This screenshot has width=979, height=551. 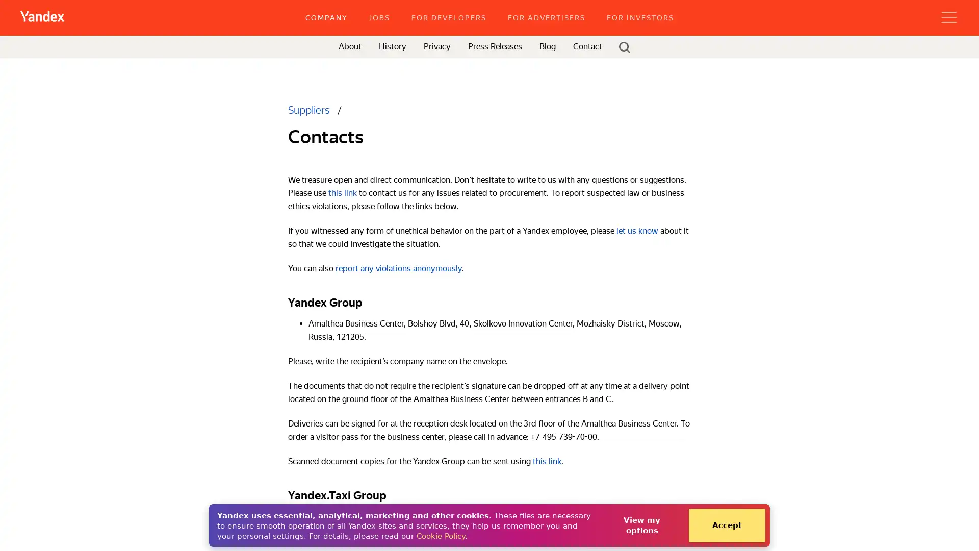 I want to click on Accept, so click(x=726, y=525).